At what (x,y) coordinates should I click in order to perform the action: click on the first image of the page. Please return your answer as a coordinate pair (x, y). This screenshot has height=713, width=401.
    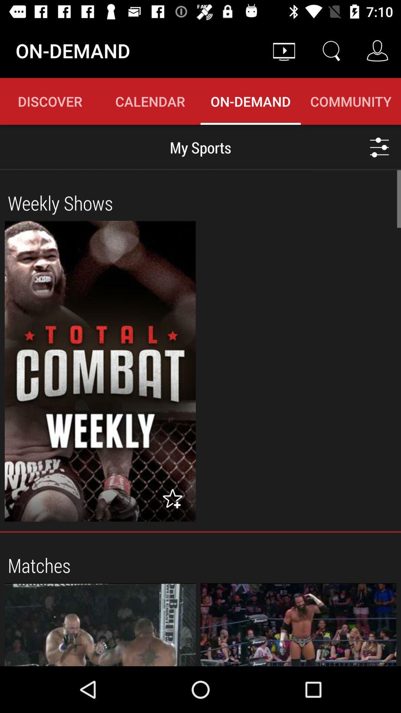
    Looking at the image, I should click on (100, 371).